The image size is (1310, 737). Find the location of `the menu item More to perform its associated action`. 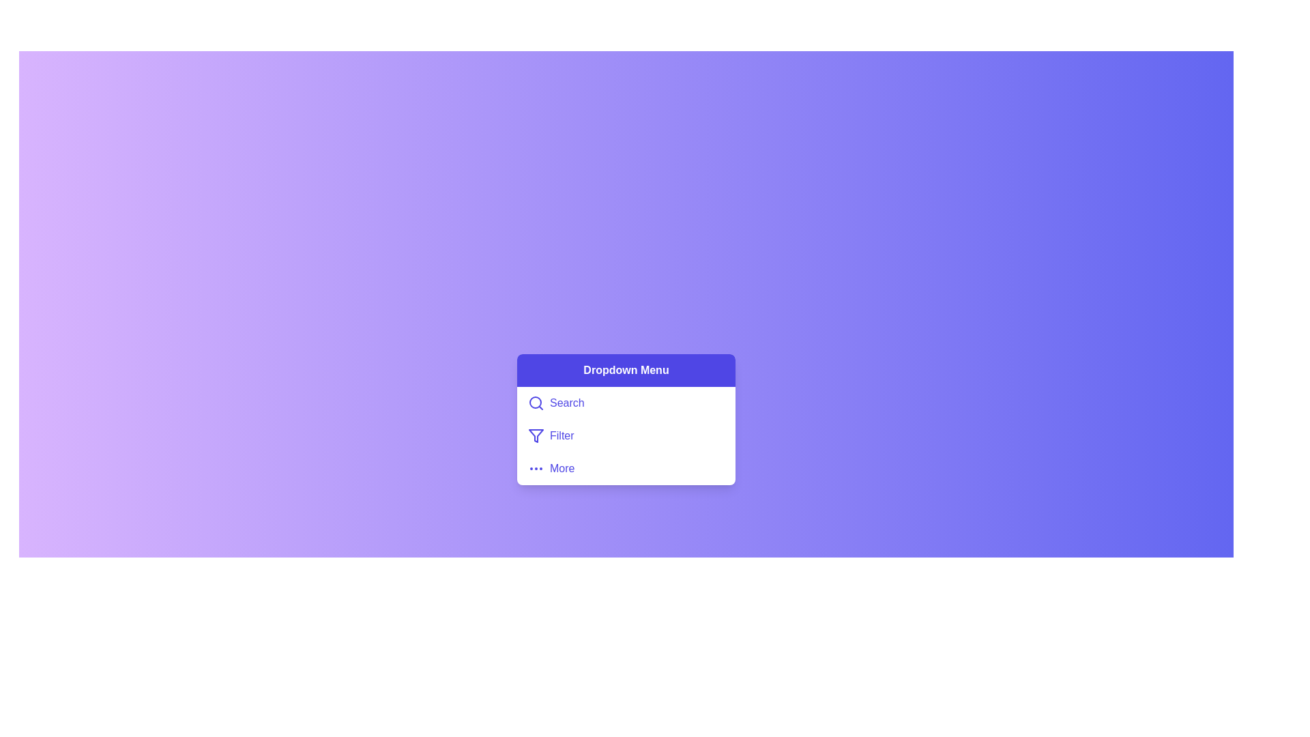

the menu item More to perform its associated action is located at coordinates (625, 467).